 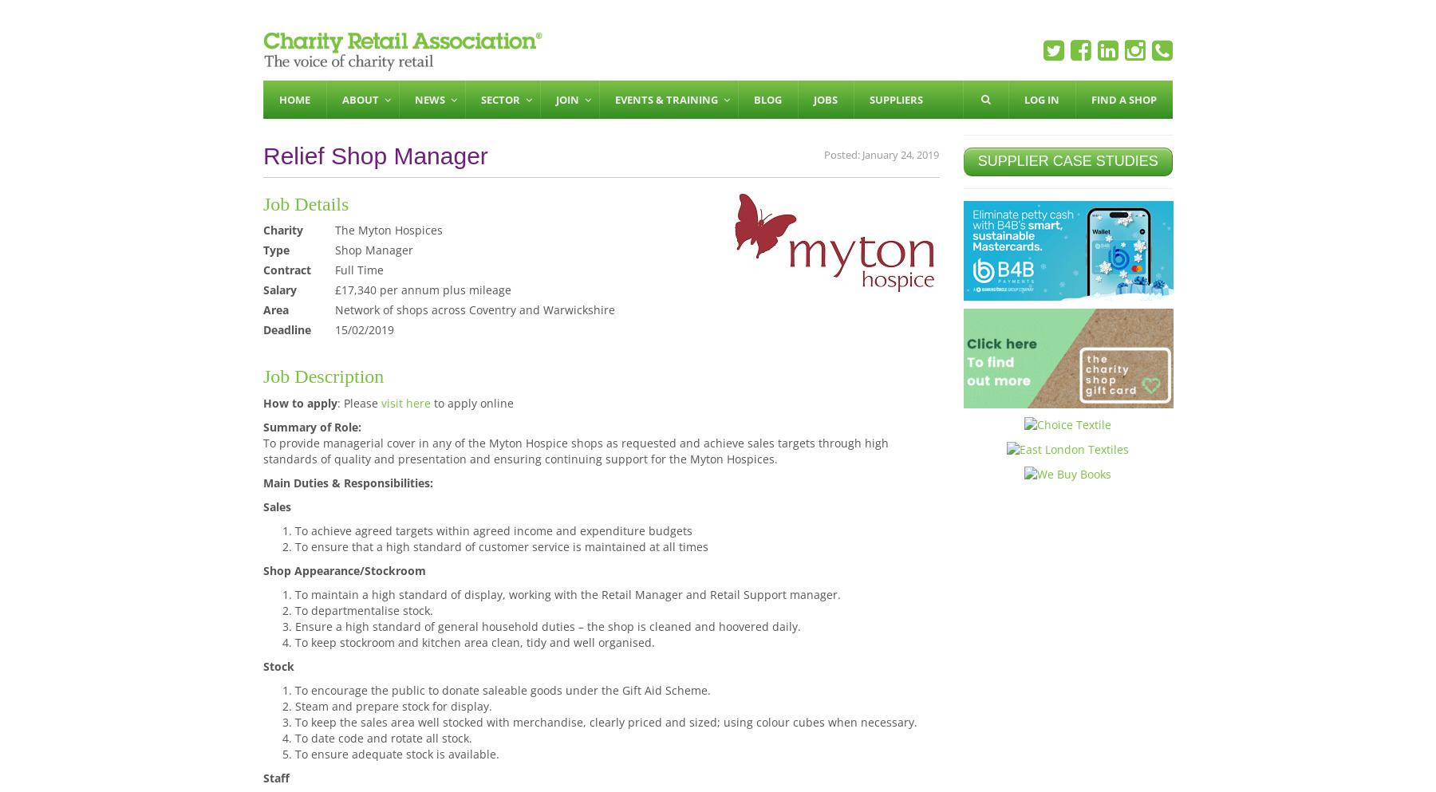 What do you see at coordinates (605, 721) in the screenshot?
I see `'To keep the sales area well stocked with merchandise, clearly priced and sized; using colour cubes when necessary.'` at bounding box center [605, 721].